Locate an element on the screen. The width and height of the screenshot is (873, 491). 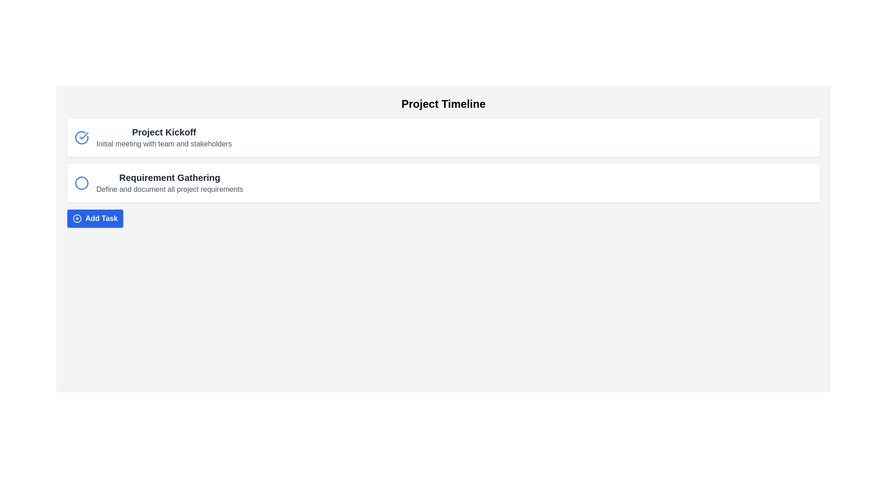
the label displaying 'Requirement Gathering' which contains two lines of text, with the first line in bold and larger font and the second line in smaller and lighter font is located at coordinates (170, 183).